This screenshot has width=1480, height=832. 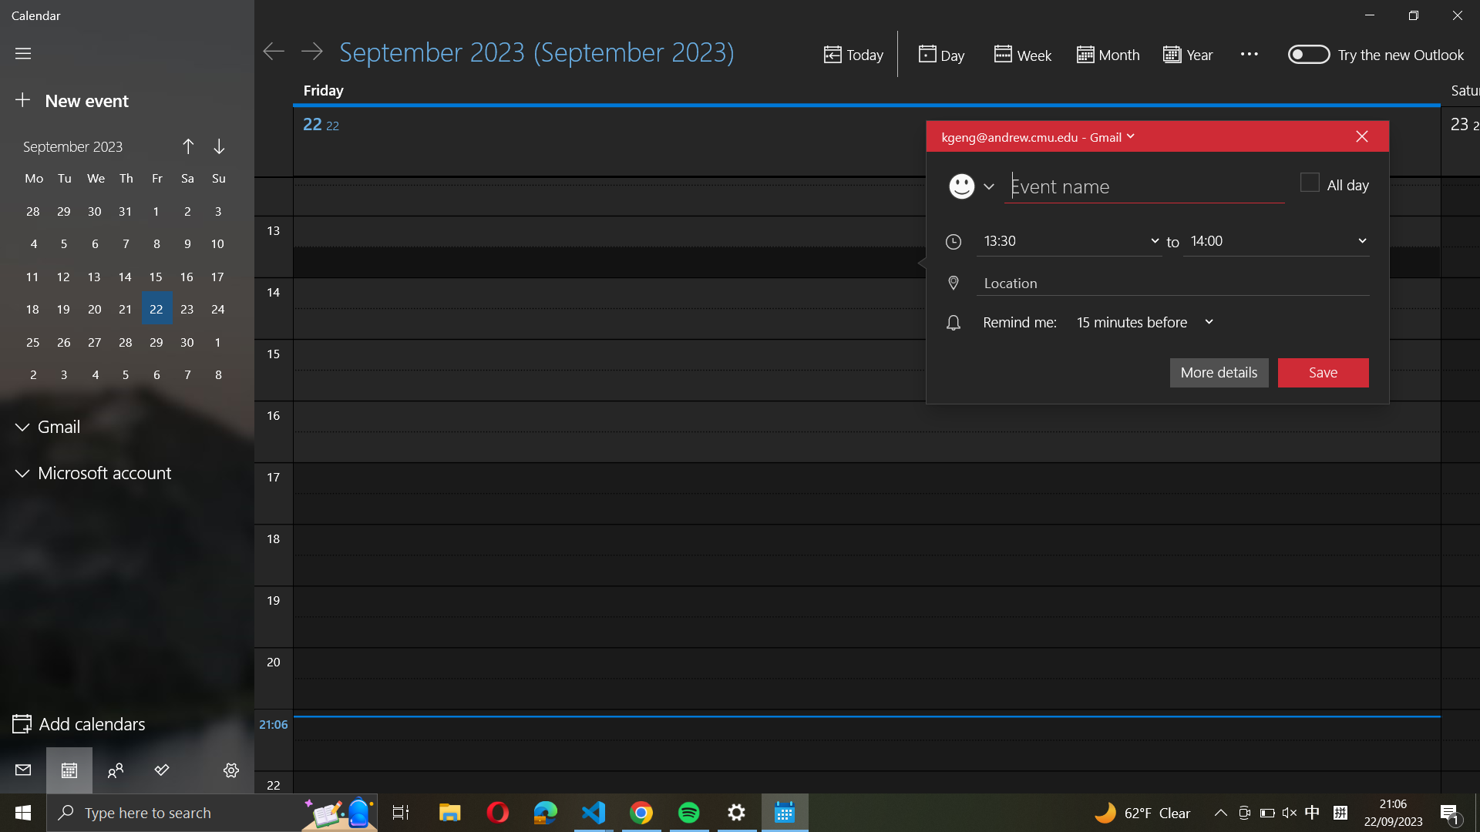 I want to click on click to fetch all email addresses connected to an event, so click(x=1036, y=136).